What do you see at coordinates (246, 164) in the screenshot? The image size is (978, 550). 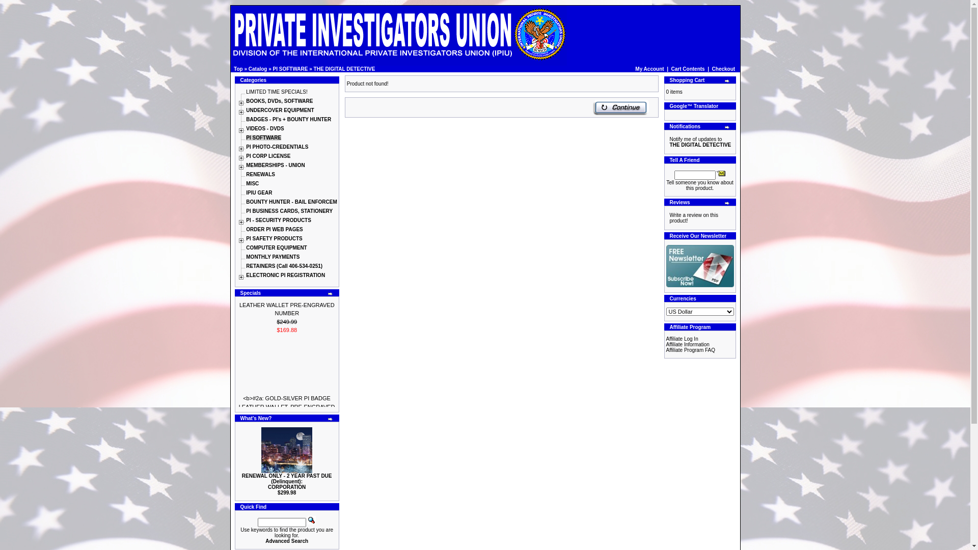 I see `'MEMBERSHIPS - UNION'` at bounding box center [246, 164].